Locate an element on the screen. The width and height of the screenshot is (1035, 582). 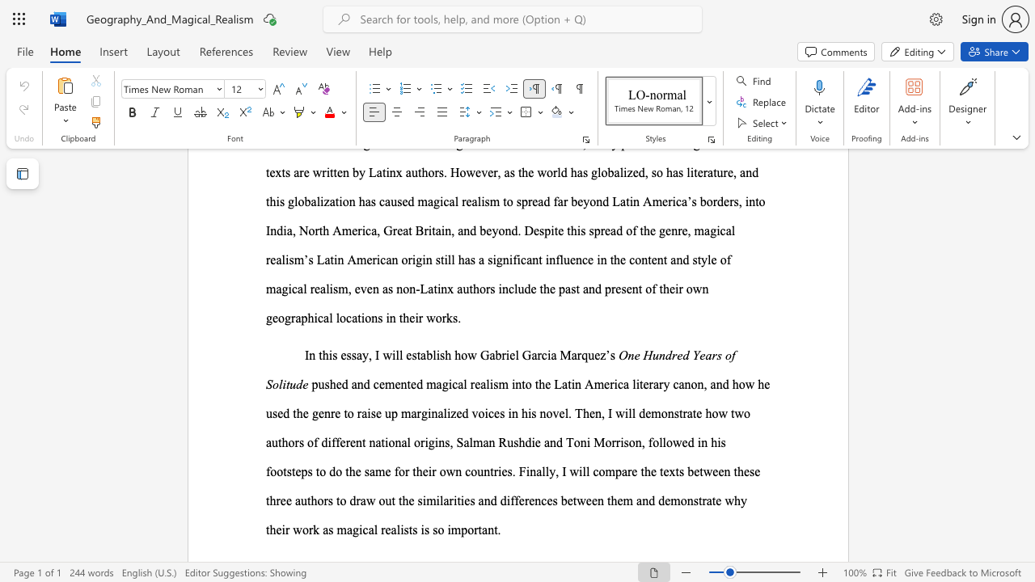
the subset text "Years" within the text "One Hundred Years of Solitude" is located at coordinates (692, 354).